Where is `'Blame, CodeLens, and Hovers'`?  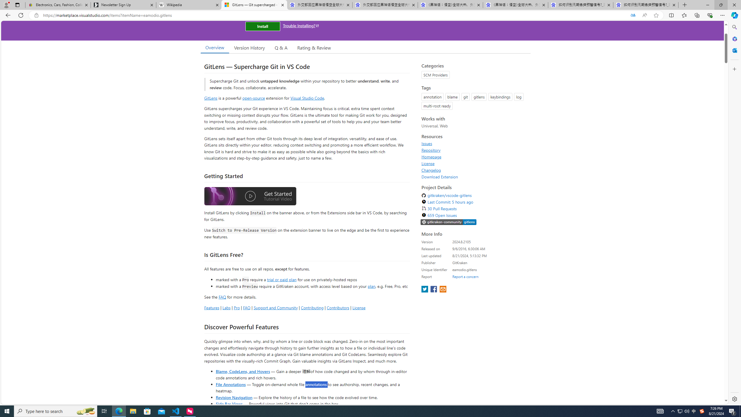
'Blame, CodeLens, and Hovers' is located at coordinates (242, 371).